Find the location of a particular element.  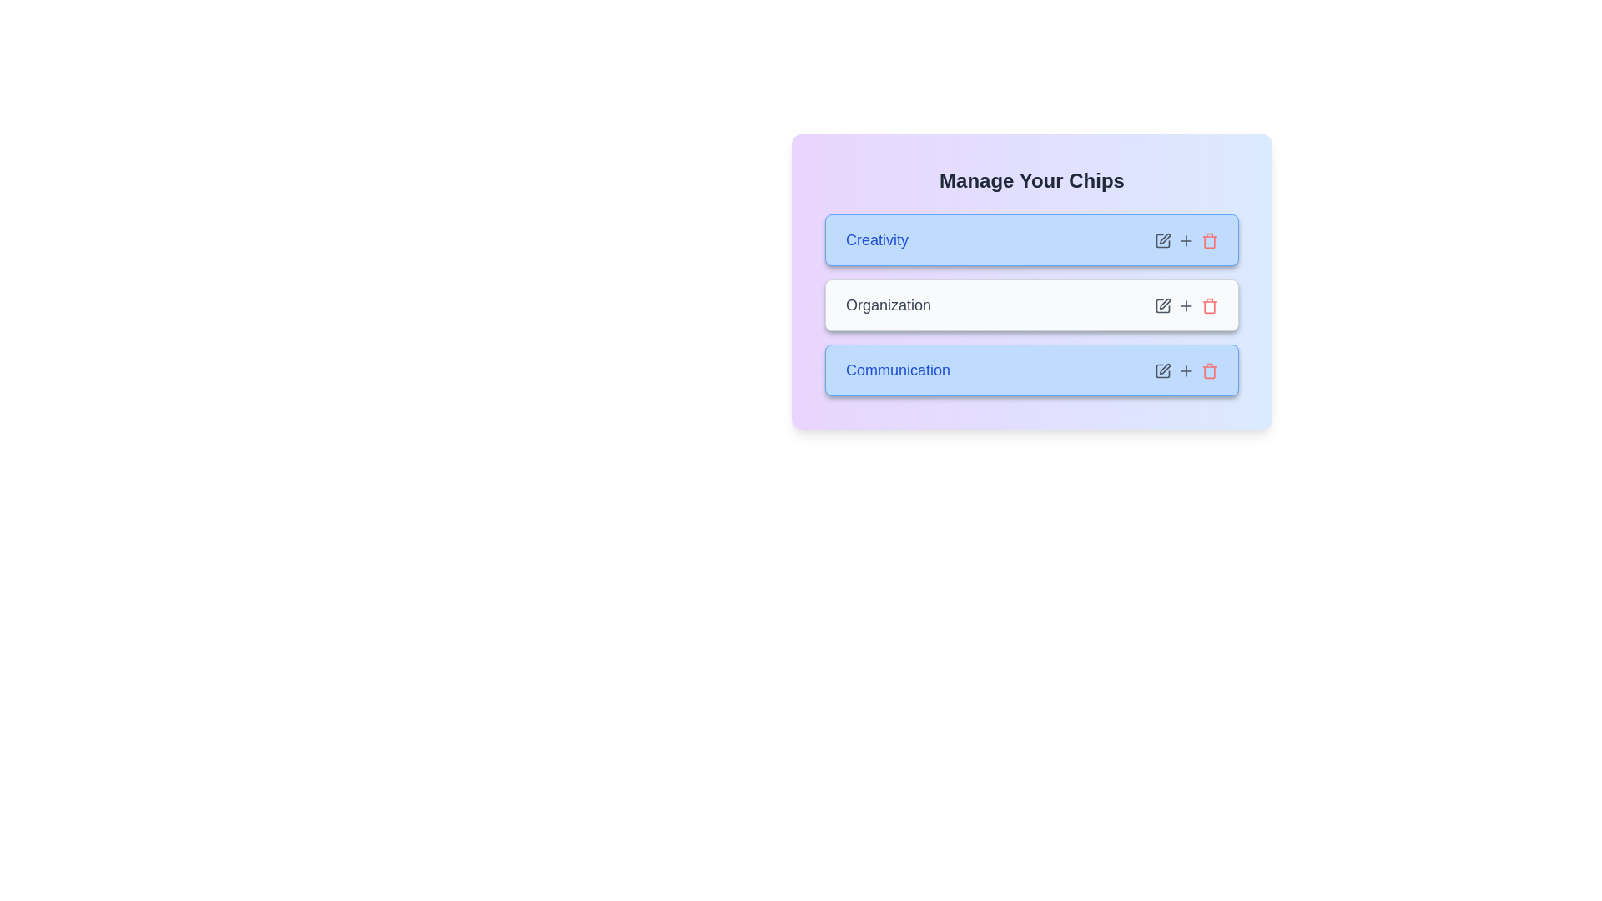

add icon for the chip labeled 'Communication' is located at coordinates (1185, 369).